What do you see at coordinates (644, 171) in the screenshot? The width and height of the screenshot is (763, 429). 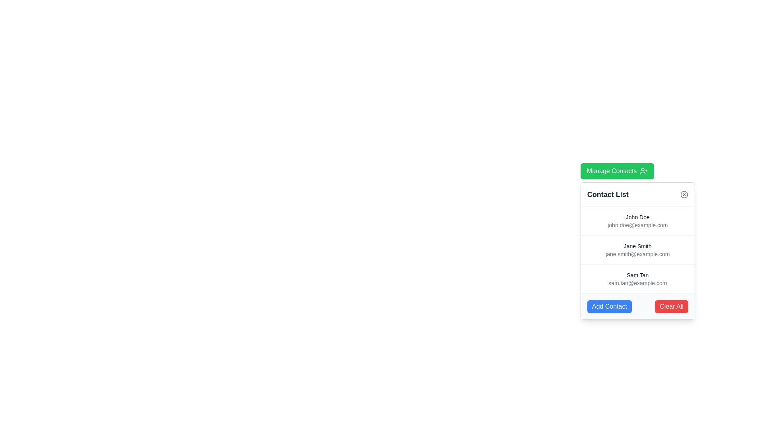 I see `the icon located at the rightmost position of the green button labeled 'Manage Contacts' to initiate the action of adding a user or contact` at bounding box center [644, 171].